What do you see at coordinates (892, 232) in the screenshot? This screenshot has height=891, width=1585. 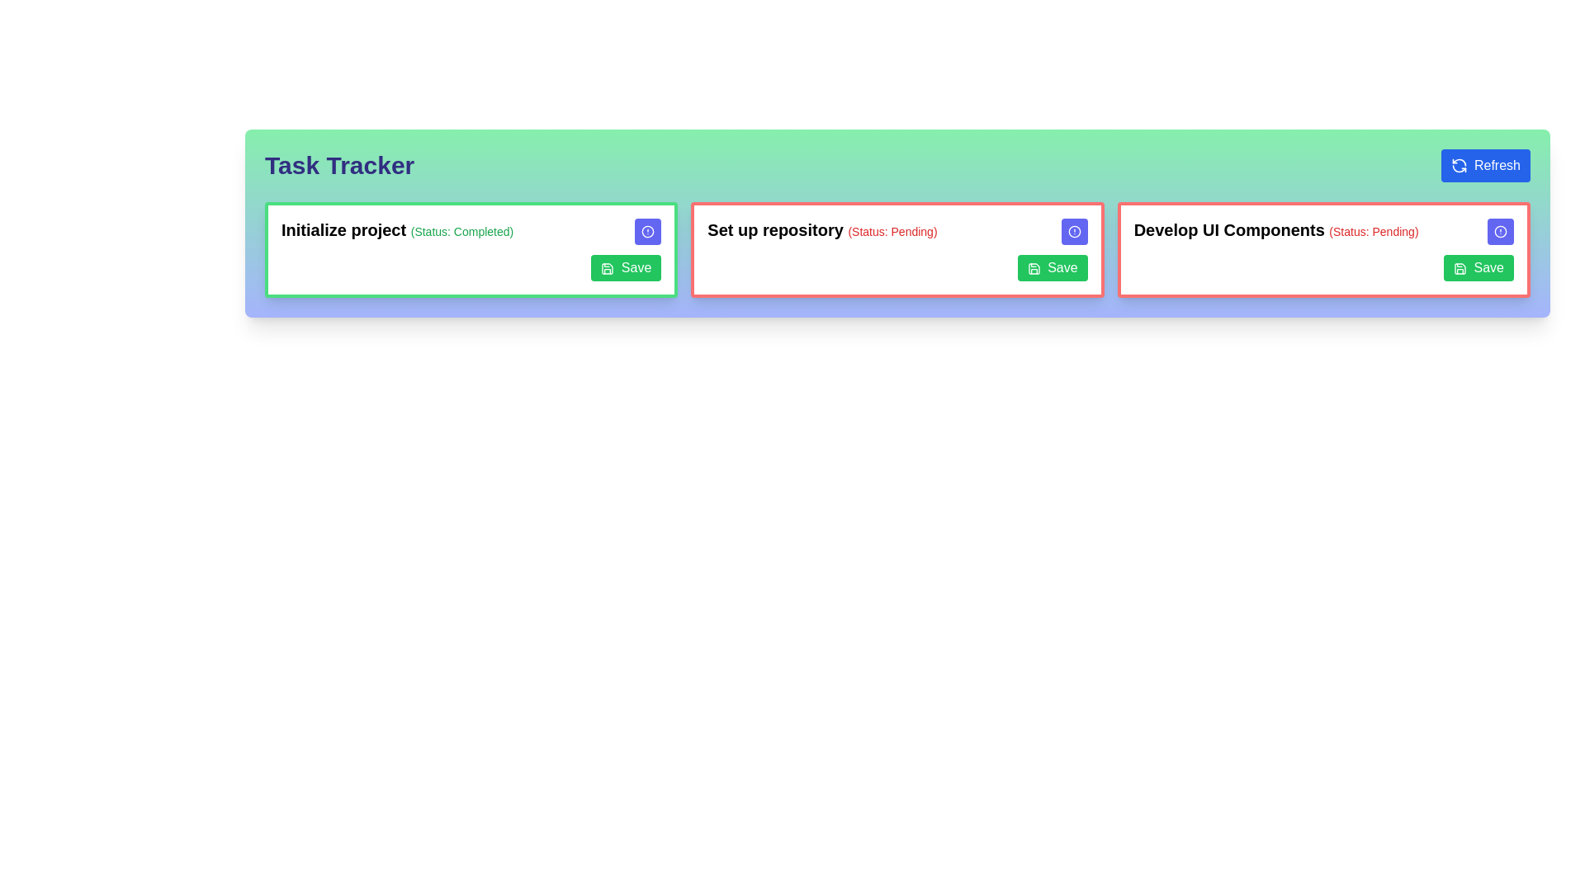 I see `the text label indicating the current status of the 'Set up repository' task marked as 'Pending', located to the right of the bold title 'Set up repository'` at bounding box center [892, 232].